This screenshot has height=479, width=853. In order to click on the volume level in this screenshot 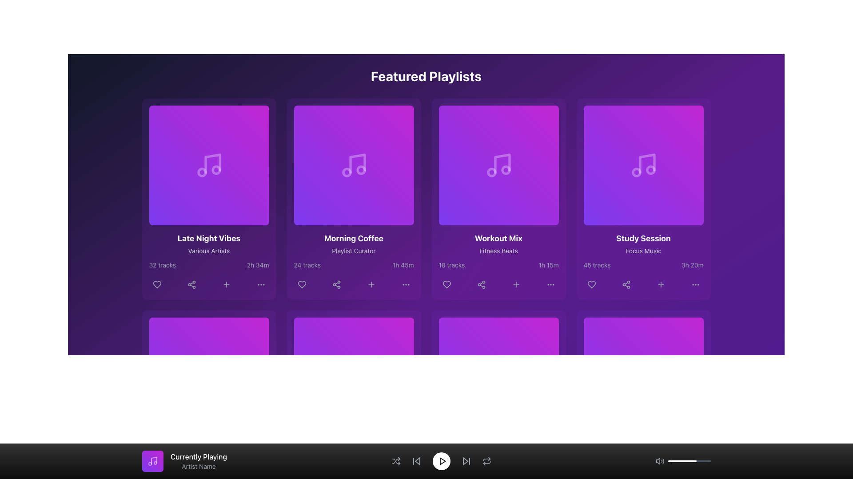, I will do `click(678, 461)`.